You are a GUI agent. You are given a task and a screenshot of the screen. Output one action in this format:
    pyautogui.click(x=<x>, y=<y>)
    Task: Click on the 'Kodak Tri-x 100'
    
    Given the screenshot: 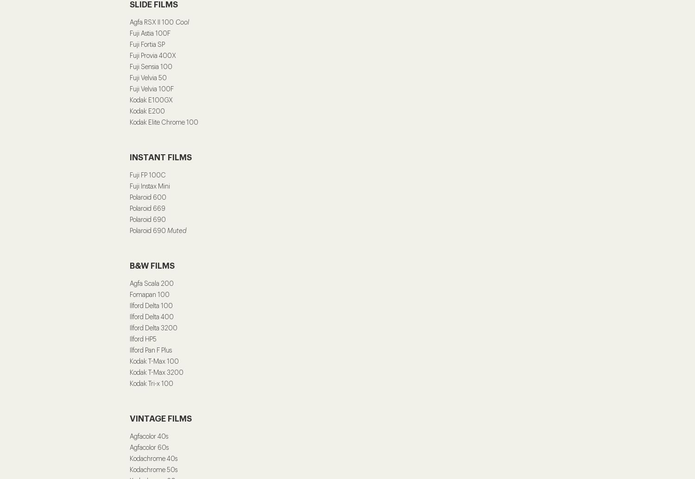 What is the action you would take?
    pyautogui.click(x=151, y=383)
    